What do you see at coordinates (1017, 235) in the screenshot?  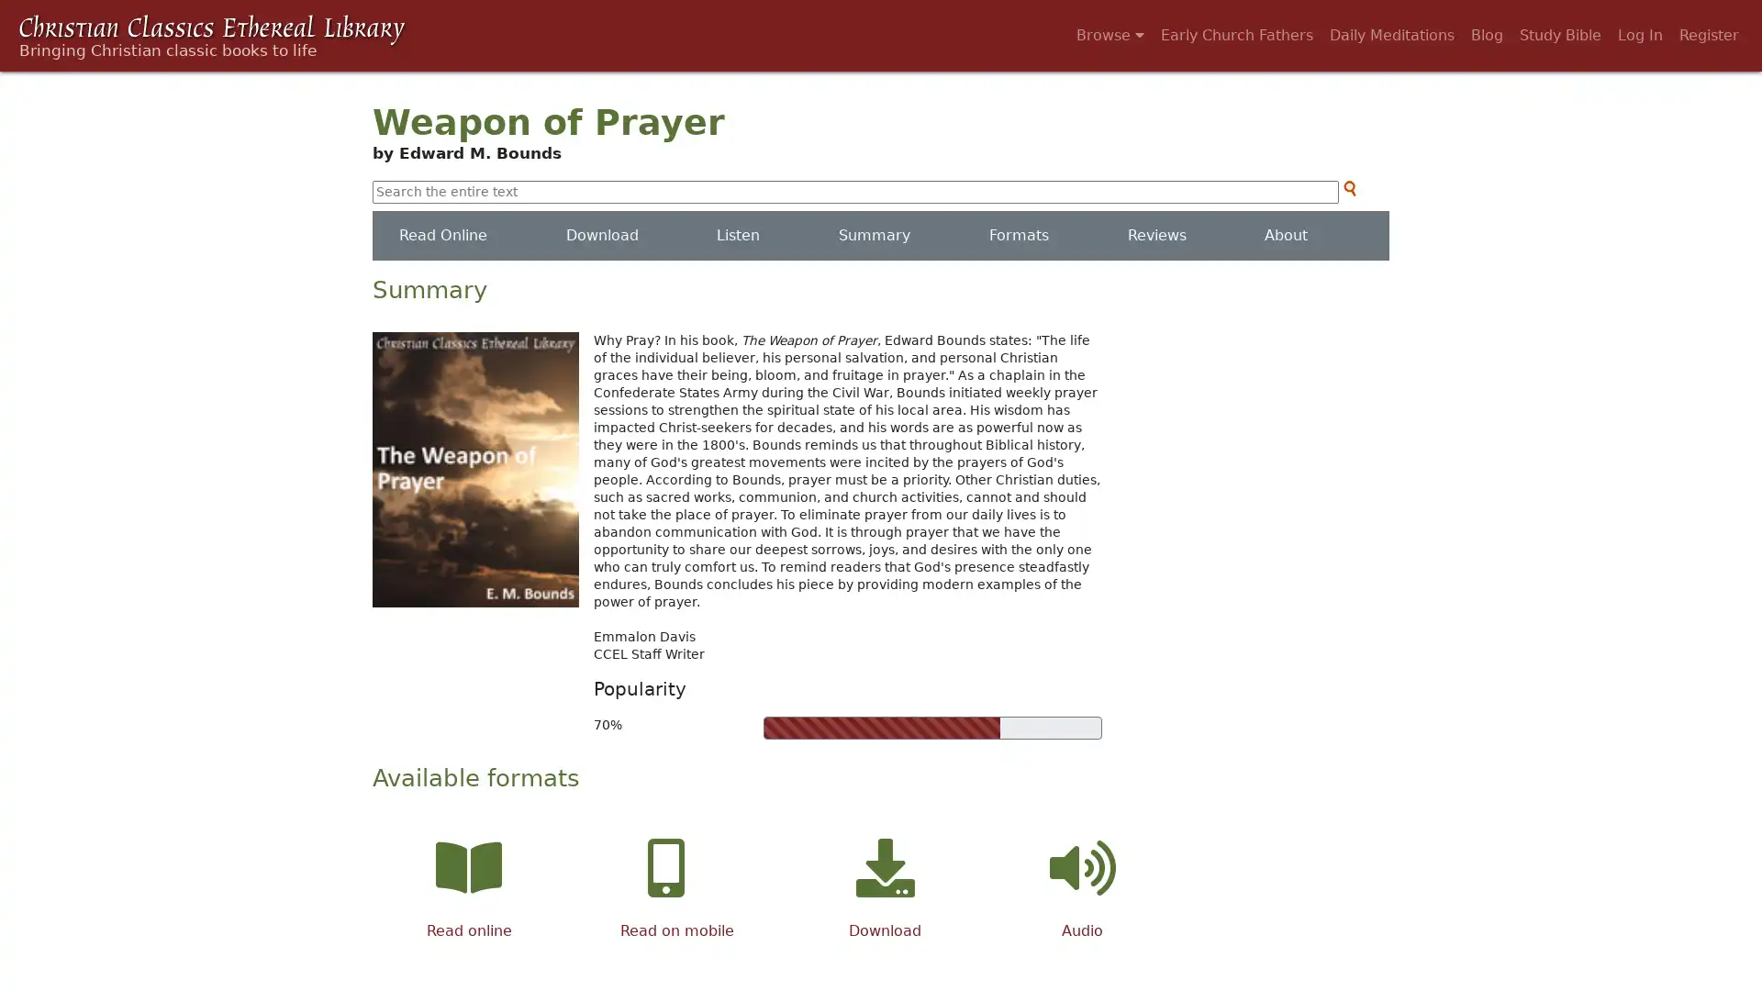 I see `Formats` at bounding box center [1017, 235].